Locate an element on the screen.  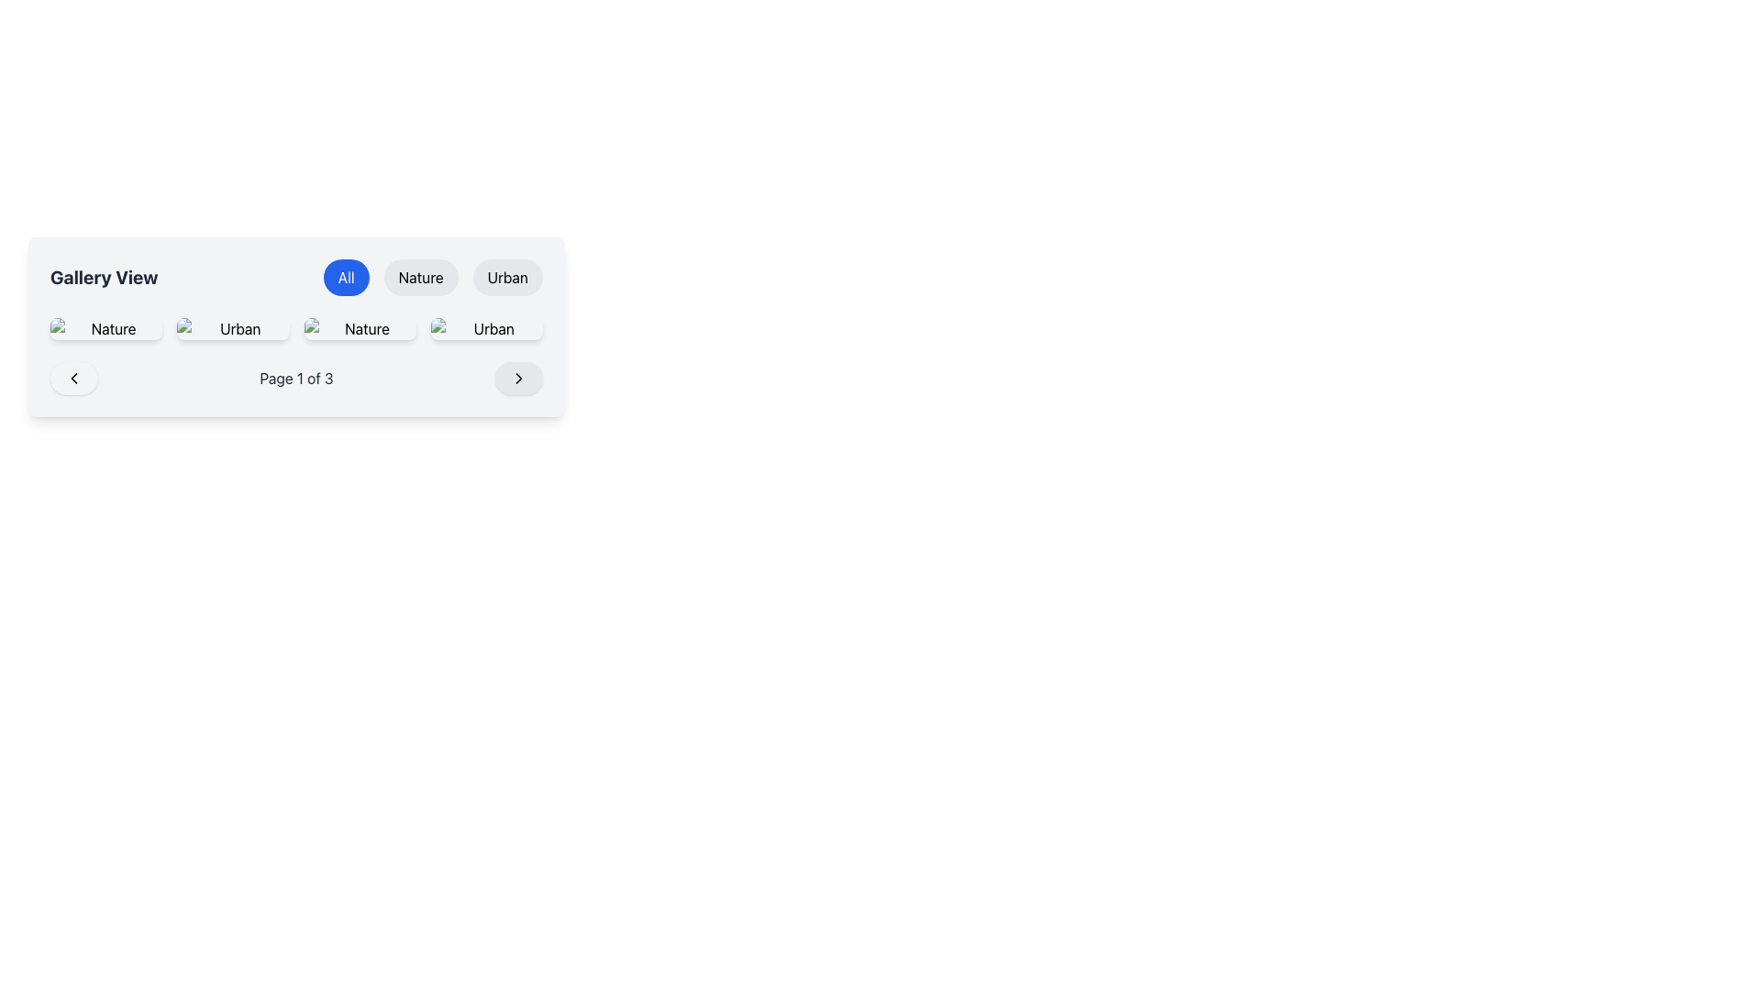
the 'Nature' image placeholder is located at coordinates (360, 327).